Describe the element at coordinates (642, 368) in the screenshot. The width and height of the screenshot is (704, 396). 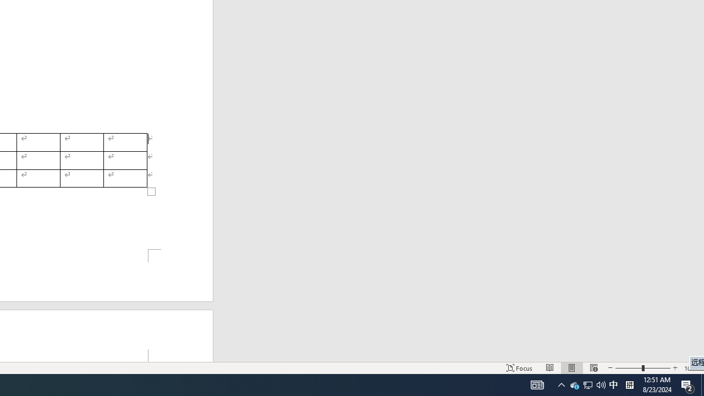
I see `'Zoom'` at that location.